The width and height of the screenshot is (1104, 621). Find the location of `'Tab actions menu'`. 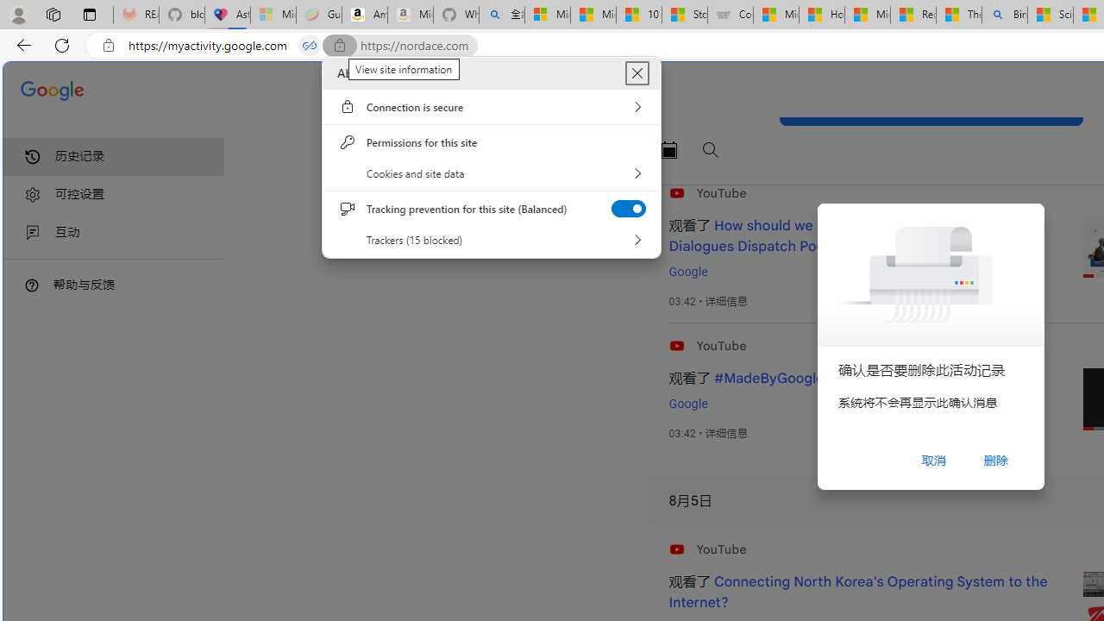

'Tab actions menu' is located at coordinates (89, 14).